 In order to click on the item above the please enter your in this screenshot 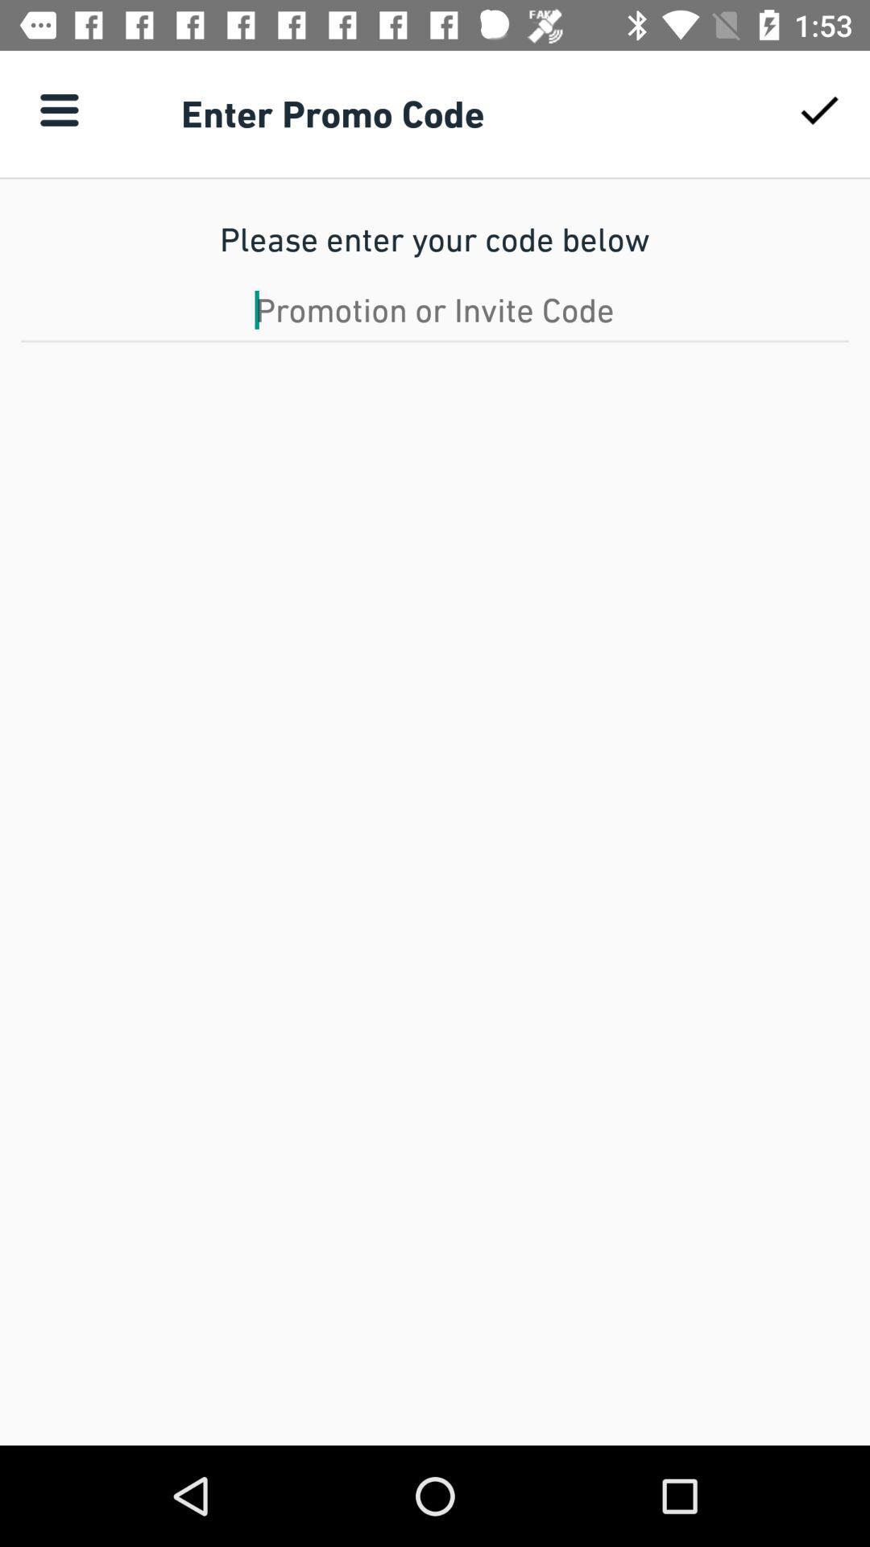, I will do `click(58, 109)`.